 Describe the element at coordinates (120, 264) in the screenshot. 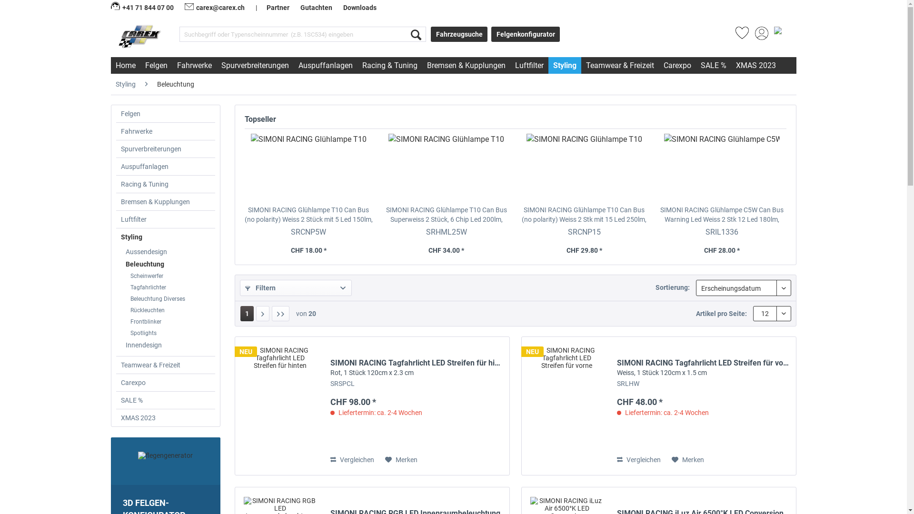

I see `'Beleuchtung'` at that location.